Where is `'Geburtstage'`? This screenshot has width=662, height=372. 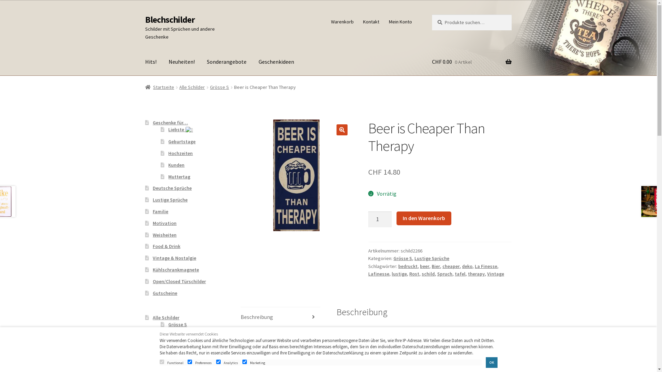
'Geburtstage' is located at coordinates (182, 141).